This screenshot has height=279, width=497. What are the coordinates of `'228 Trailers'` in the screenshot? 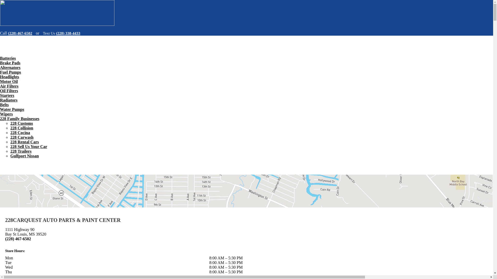 It's located at (21, 151).